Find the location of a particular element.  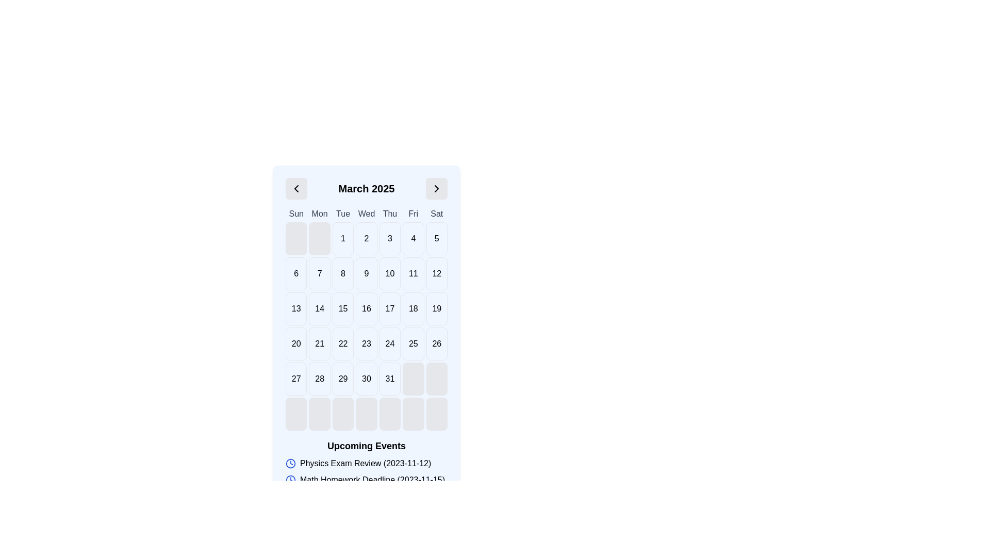

the calendar date cell representing '20' in the fifth row and first column is located at coordinates (295, 344).